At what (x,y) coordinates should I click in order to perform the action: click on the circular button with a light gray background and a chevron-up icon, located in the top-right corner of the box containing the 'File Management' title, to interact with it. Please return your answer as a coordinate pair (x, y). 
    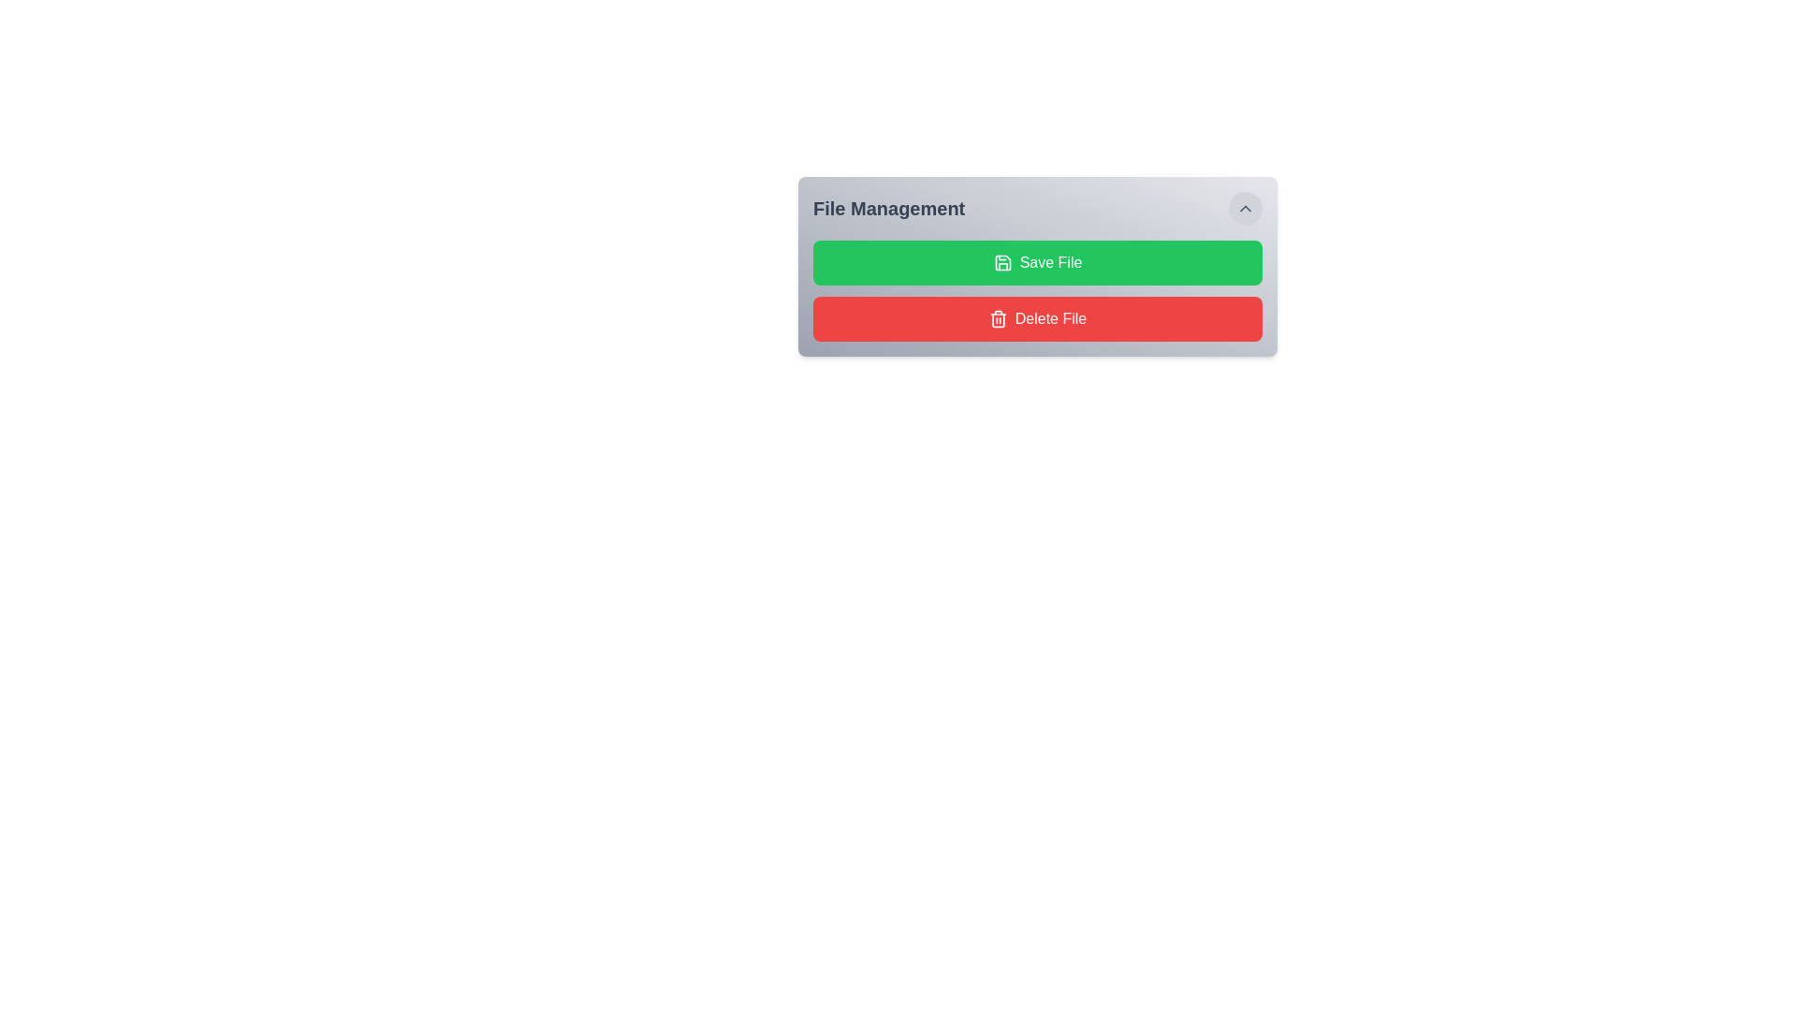
    Looking at the image, I should click on (1245, 209).